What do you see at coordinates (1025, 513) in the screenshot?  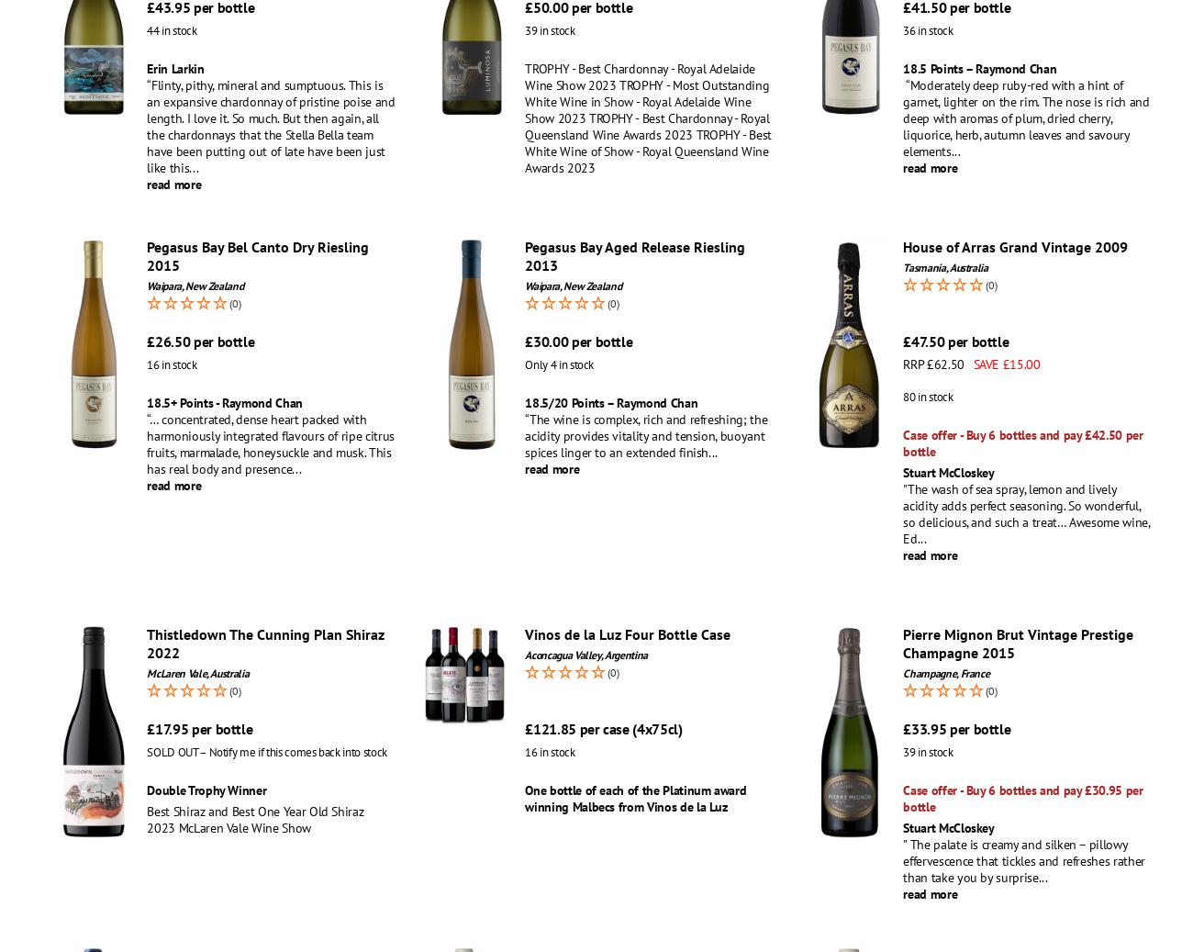 I see `'"The wash of sea spray, lemon and lively acidity adds perfect seasoning. So wonderful, so delicious, and such a treat… Awesome wine, Ed...'` at bounding box center [1025, 513].